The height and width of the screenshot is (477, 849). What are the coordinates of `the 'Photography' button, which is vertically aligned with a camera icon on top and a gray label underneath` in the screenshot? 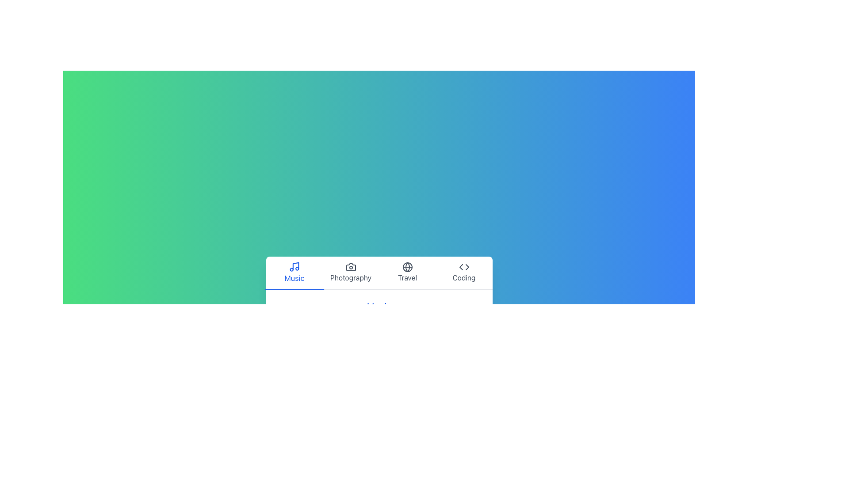 It's located at (350, 272).